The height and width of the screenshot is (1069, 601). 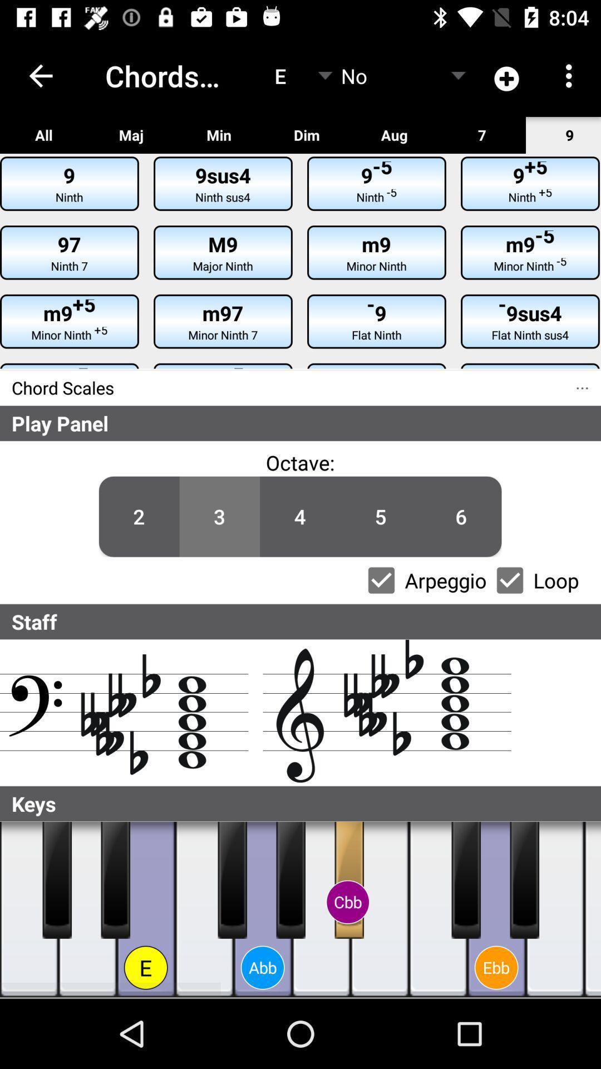 I want to click on the app next to the chords dictionary app, so click(x=40, y=75).